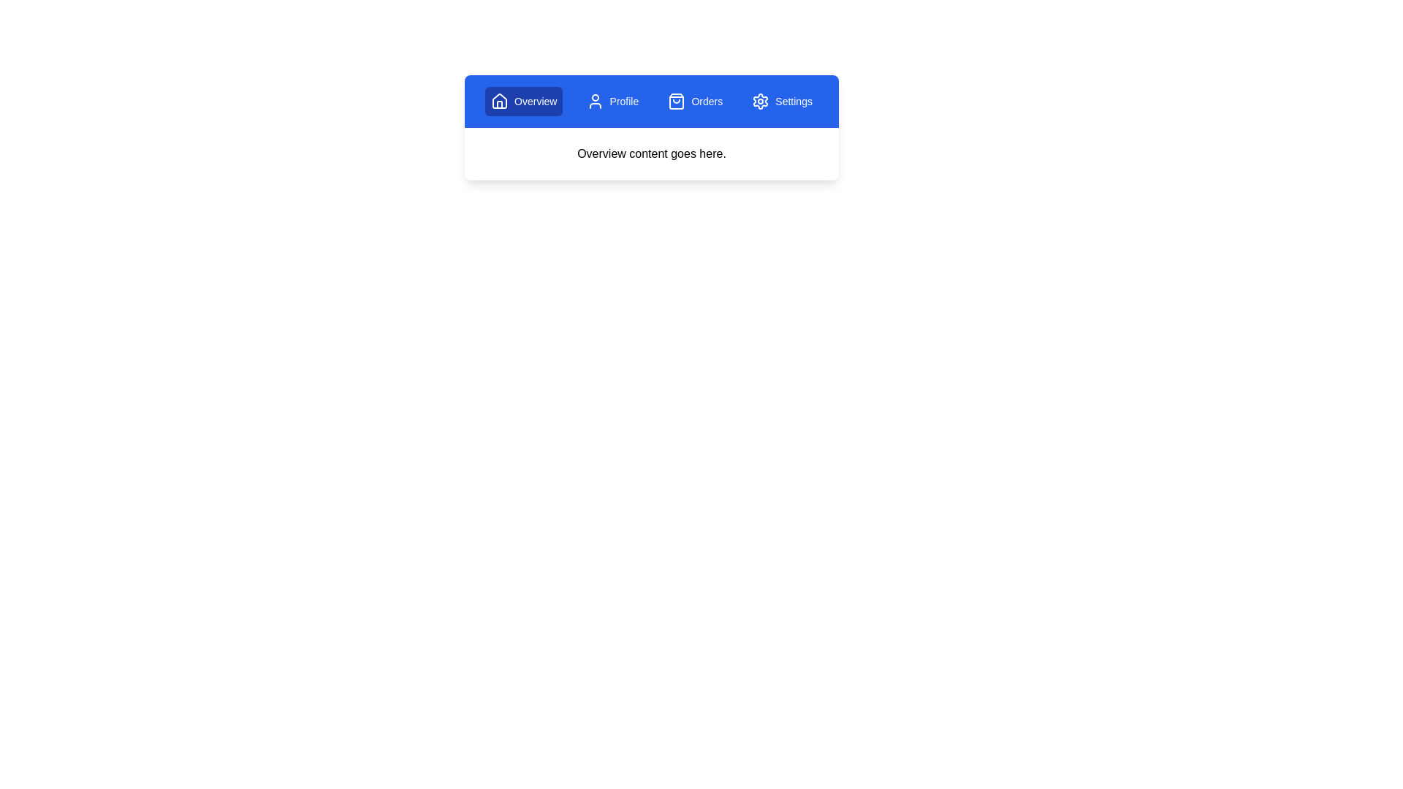  Describe the element at coordinates (595, 100) in the screenshot. I see `the user profile icon located in the navigation bar` at that location.